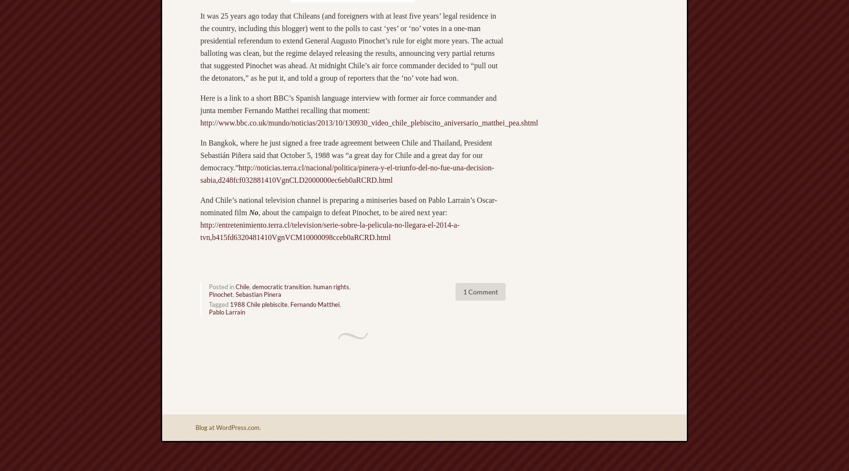 The image size is (849, 471). Describe the element at coordinates (329, 230) in the screenshot. I see `'http://entretenimiento.terra.cl/television/serie-sobre-la-pelicula-no-llegara-el-2014-a-tvn,b415fd6320481410VgnVCM10000098cceb0aRCRD.html'` at that location.